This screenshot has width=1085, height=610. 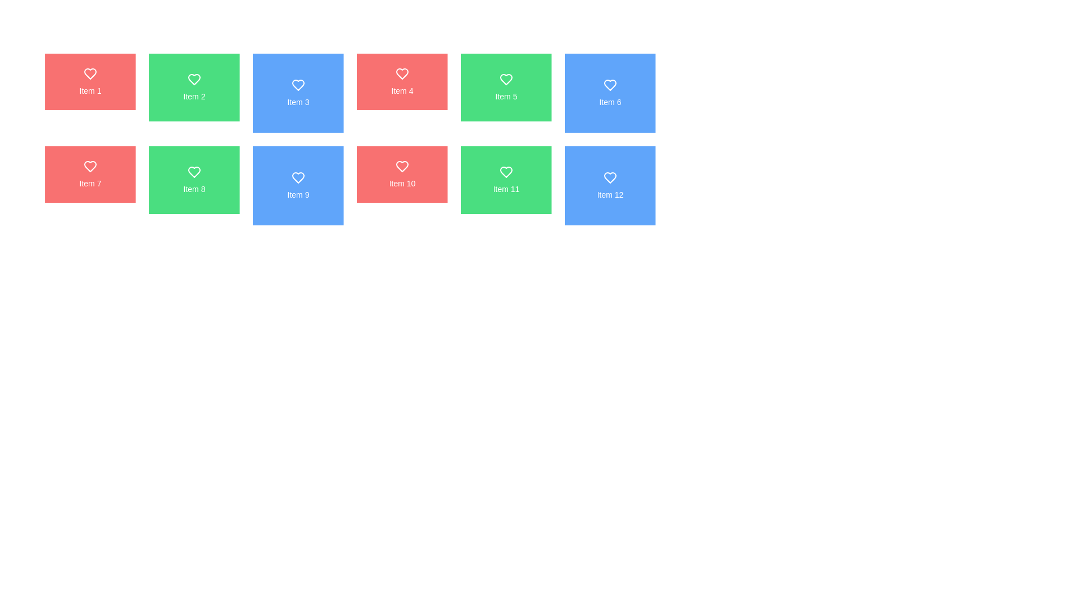 I want to click on the heart icon within the green button labeled 'Item 2' to favorite or like the item, so click(x=194, y=79).